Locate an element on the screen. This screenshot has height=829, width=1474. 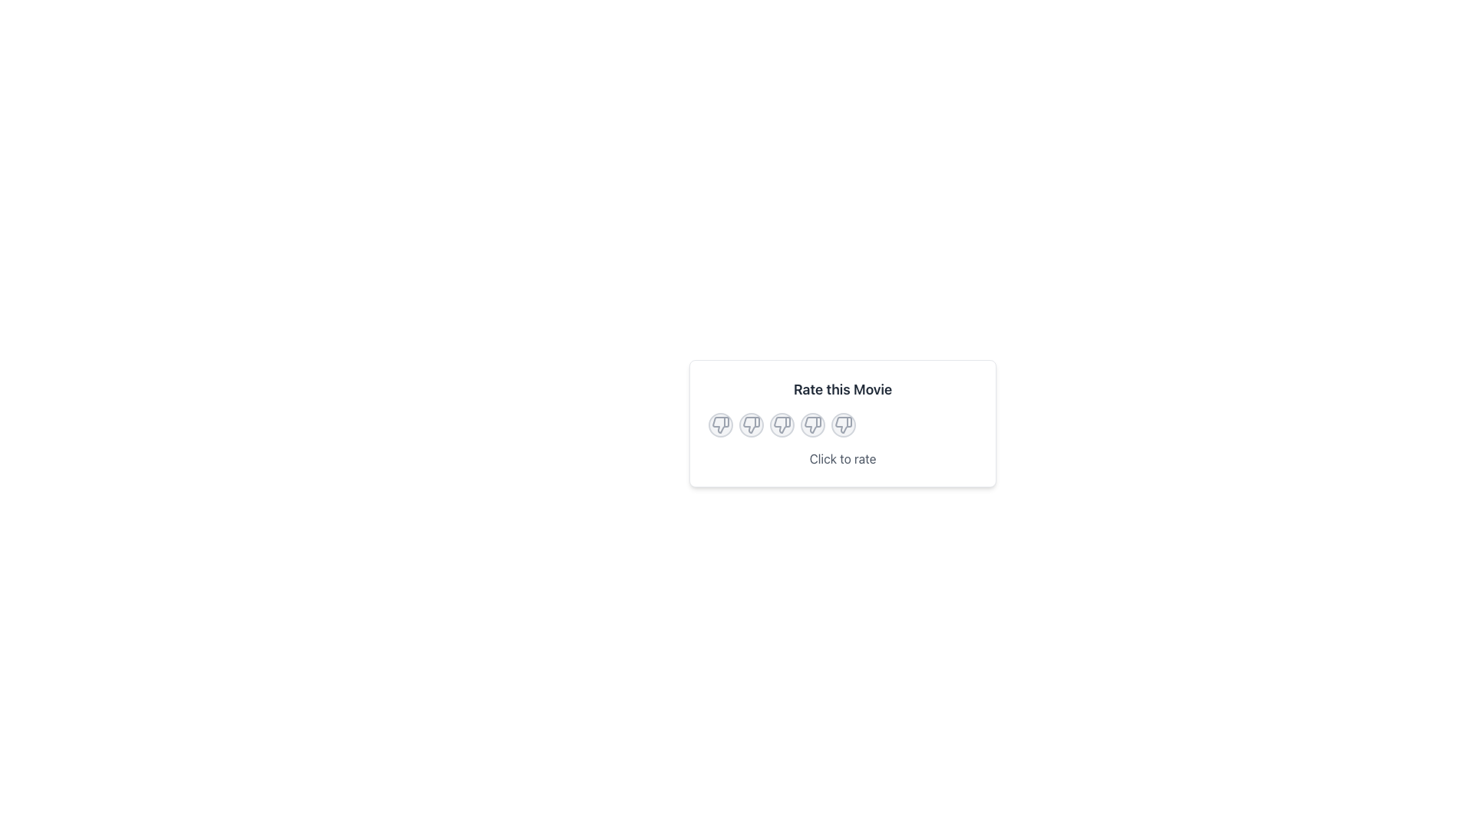
the thumbs-down rating icon is located at coordinates (720, 425).